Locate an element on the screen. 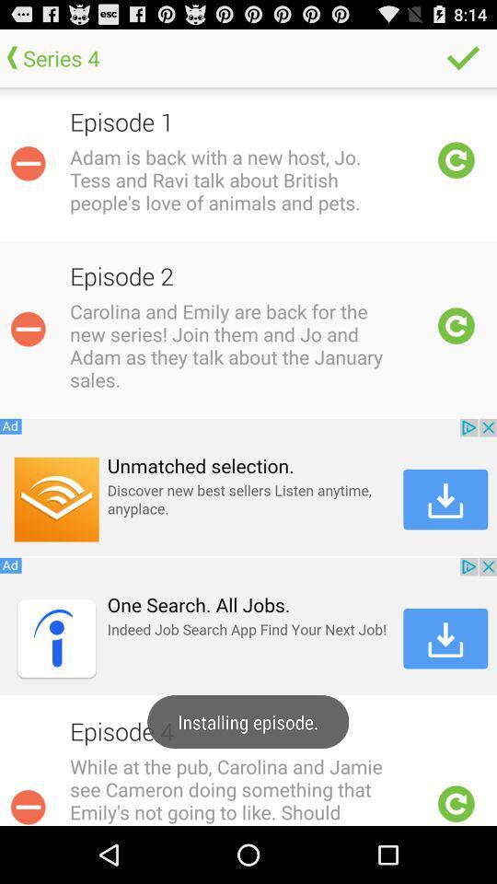  first advertisement is located at coordinates (248, 486).